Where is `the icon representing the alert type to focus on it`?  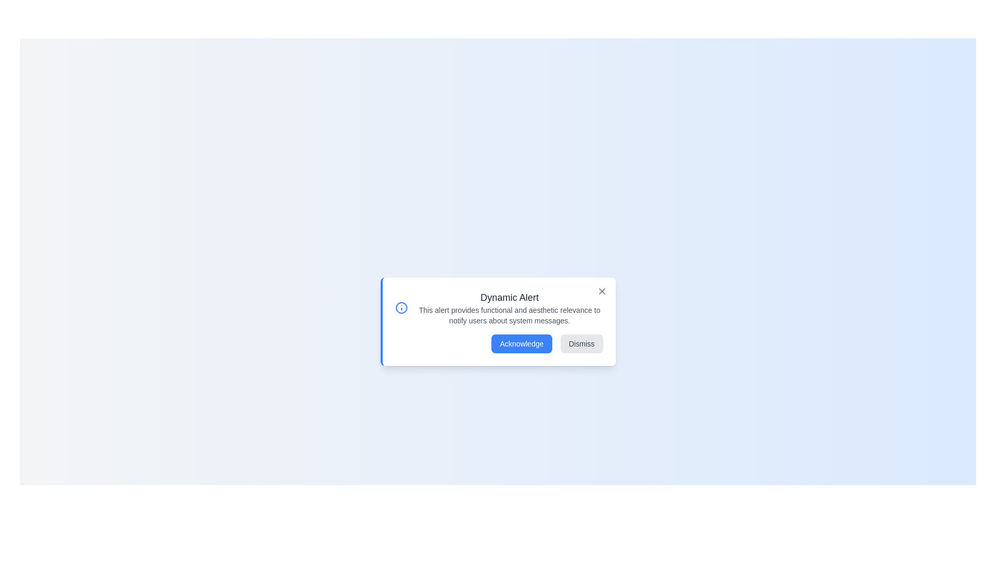
the icon representing the alert type to focus on it is located at coordinates (400, 307).